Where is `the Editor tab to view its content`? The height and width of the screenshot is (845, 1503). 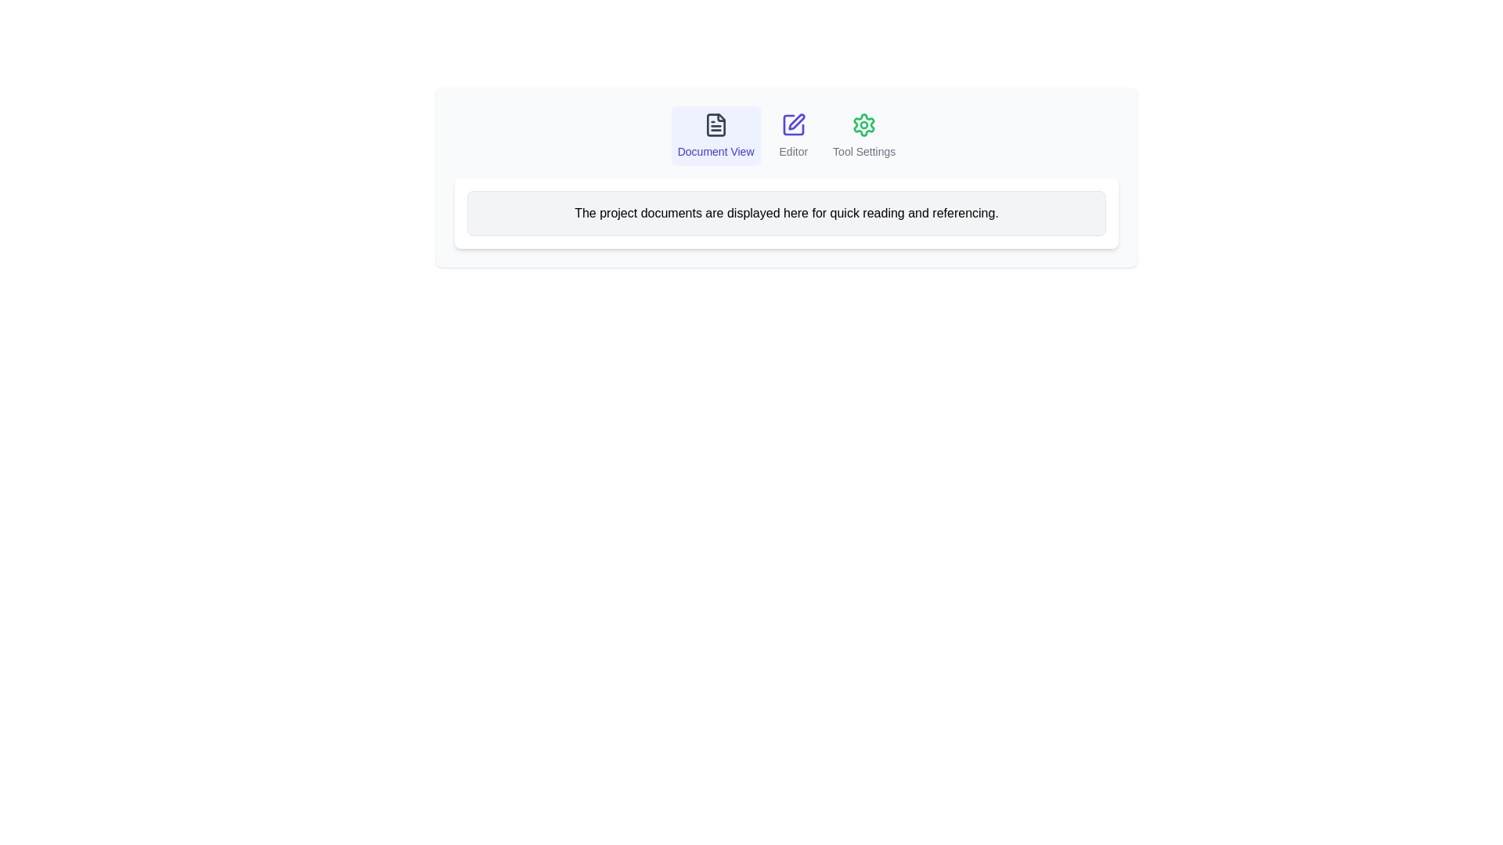 the Editor tab to view its content is located at coordinates (792, 135).